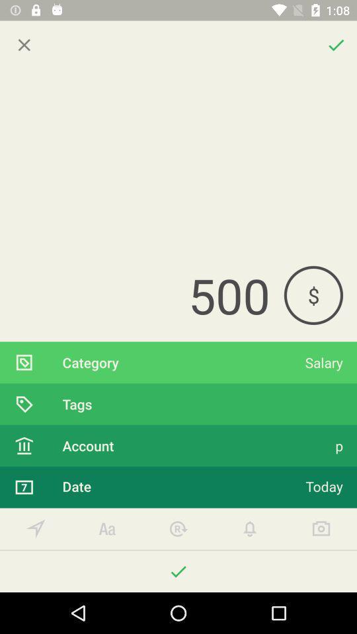 The height and width of the screenshot is (634, 357). I want to click on location services, so click(36, 529).